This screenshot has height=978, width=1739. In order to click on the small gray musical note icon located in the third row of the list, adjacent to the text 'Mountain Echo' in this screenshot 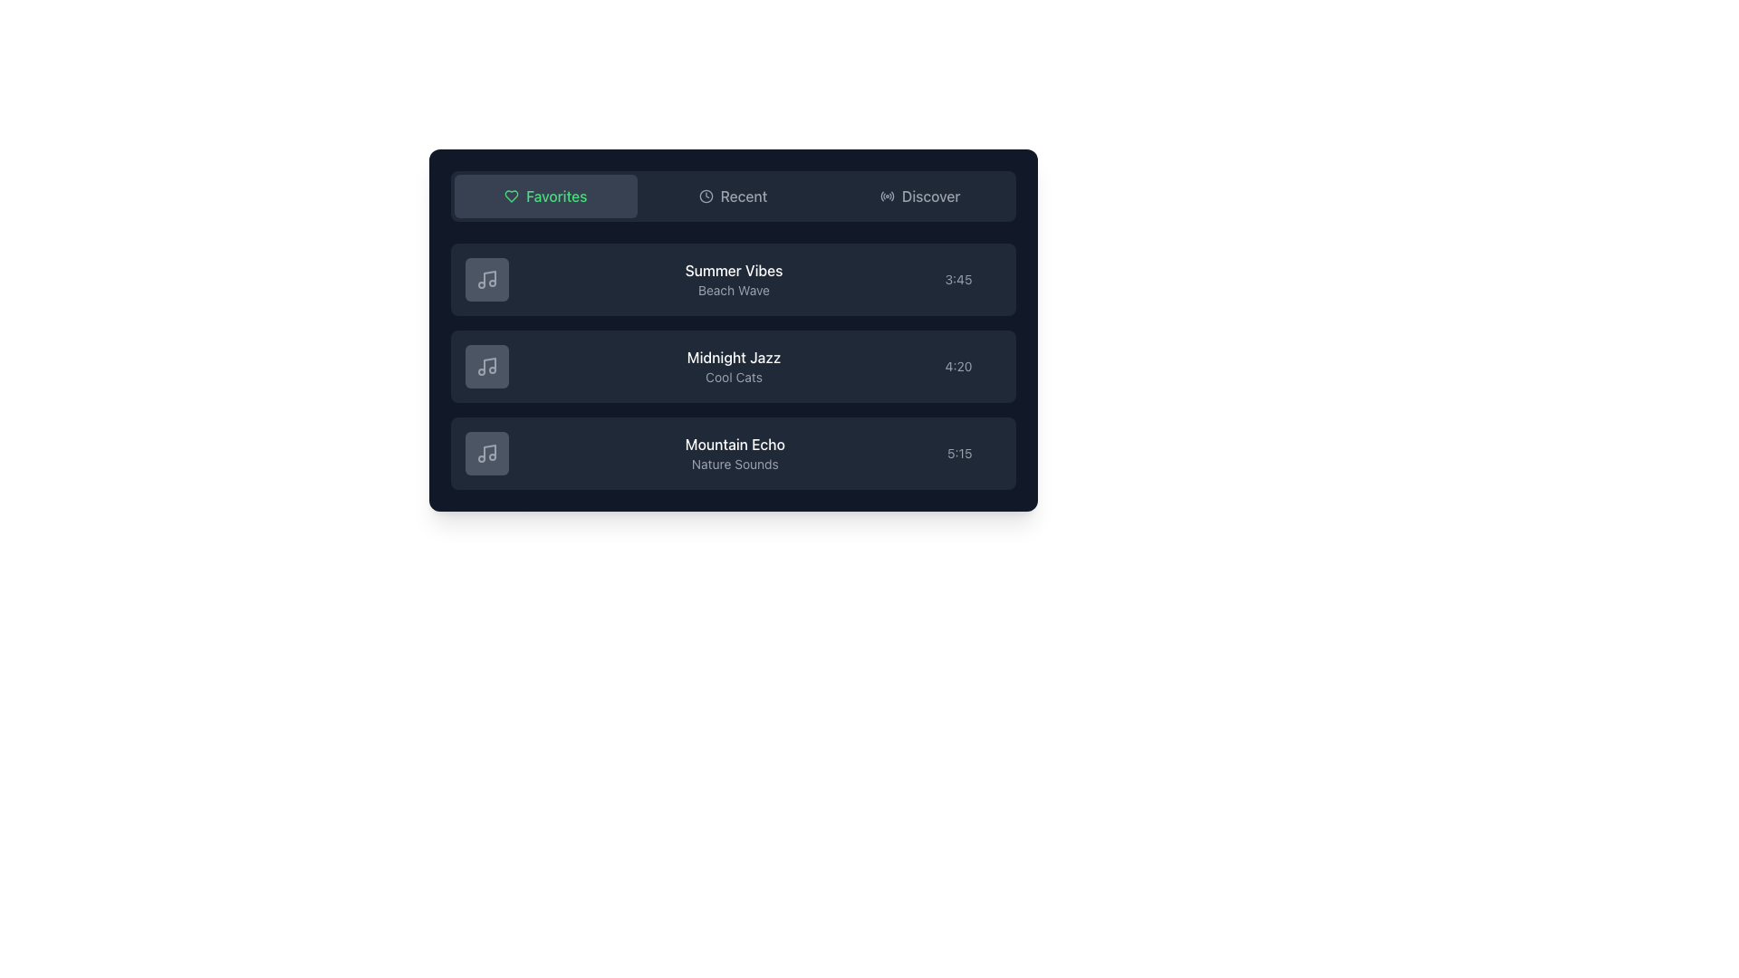, I will do `click(486, 453)`.